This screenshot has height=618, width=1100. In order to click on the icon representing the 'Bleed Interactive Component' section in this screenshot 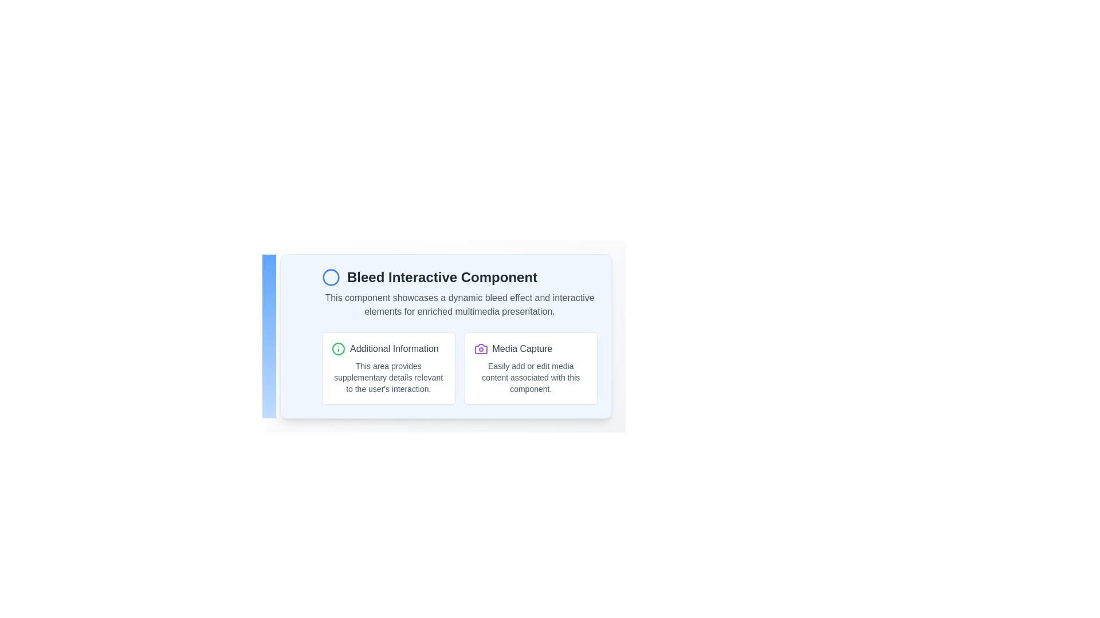, I will do `click(330, 278)`.